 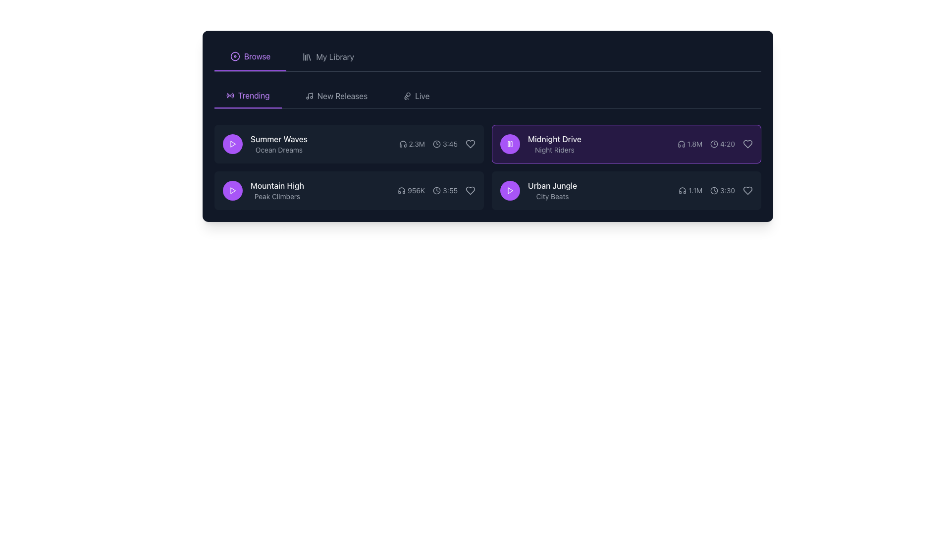 What do you see at coordinates (278, 144) in the screenshot?
I see `the Text Display element that presents the name and subtitle of a media item, located to the right of the play symbol button in the trending list` at bounding box center [278, 144].